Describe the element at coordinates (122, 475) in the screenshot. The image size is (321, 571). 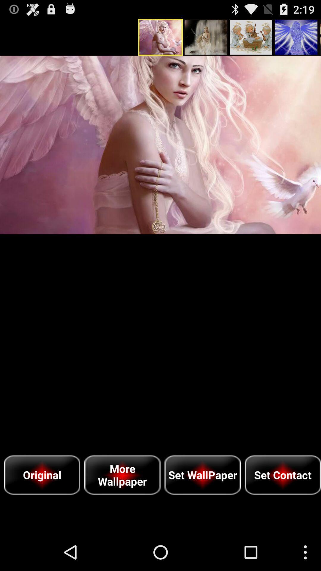
I see `icon next to the set wallpaper` at that location.